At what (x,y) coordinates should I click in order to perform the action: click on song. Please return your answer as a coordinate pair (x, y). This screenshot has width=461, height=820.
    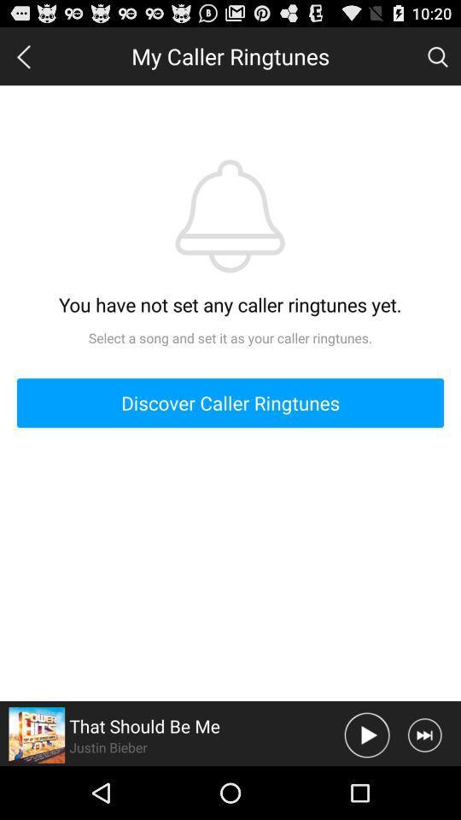
    Looking at the image, I should click on (366, 734).